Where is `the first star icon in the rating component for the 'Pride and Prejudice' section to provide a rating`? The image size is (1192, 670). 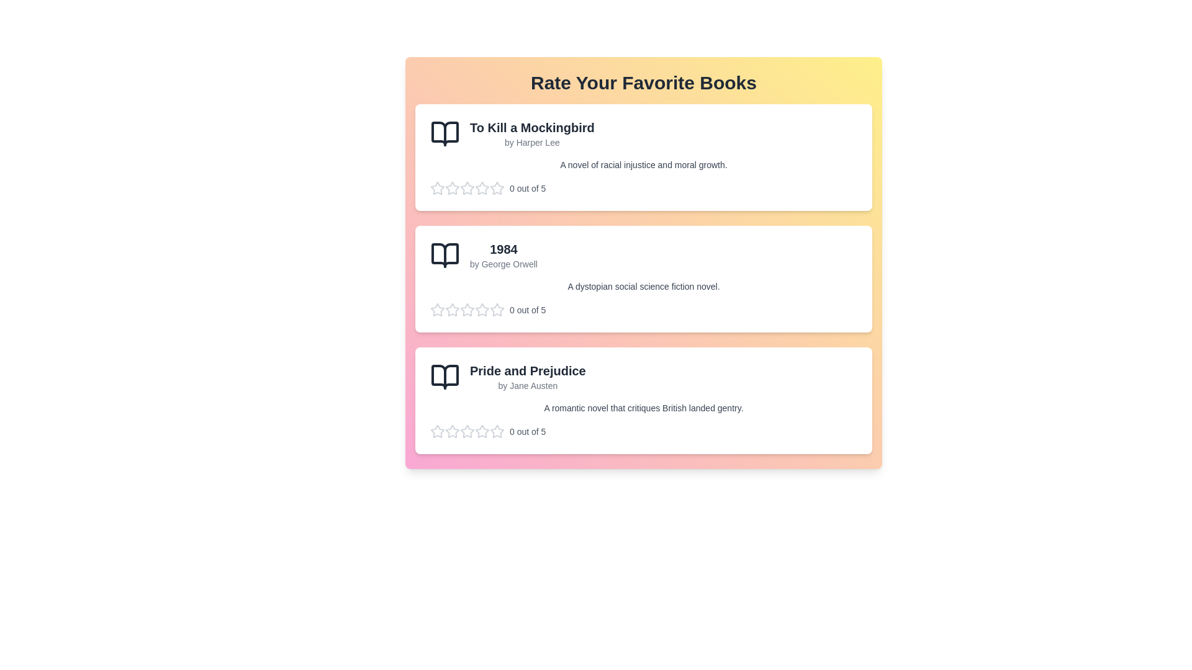 the first star icon in the rating component for the 'Pride and Prejudice' section to provide a rating is located at coordinates (438, 431).